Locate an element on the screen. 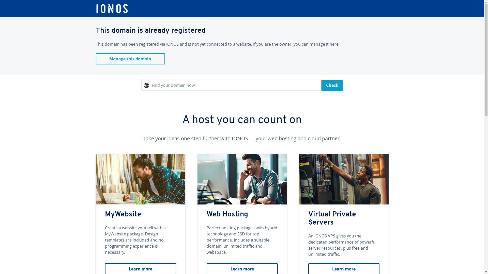  'Check' is located at coordinates (321, 85).